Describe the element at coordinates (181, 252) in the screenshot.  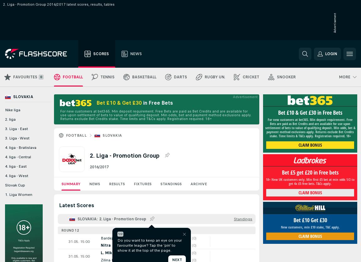
I see `'2'` at that location.